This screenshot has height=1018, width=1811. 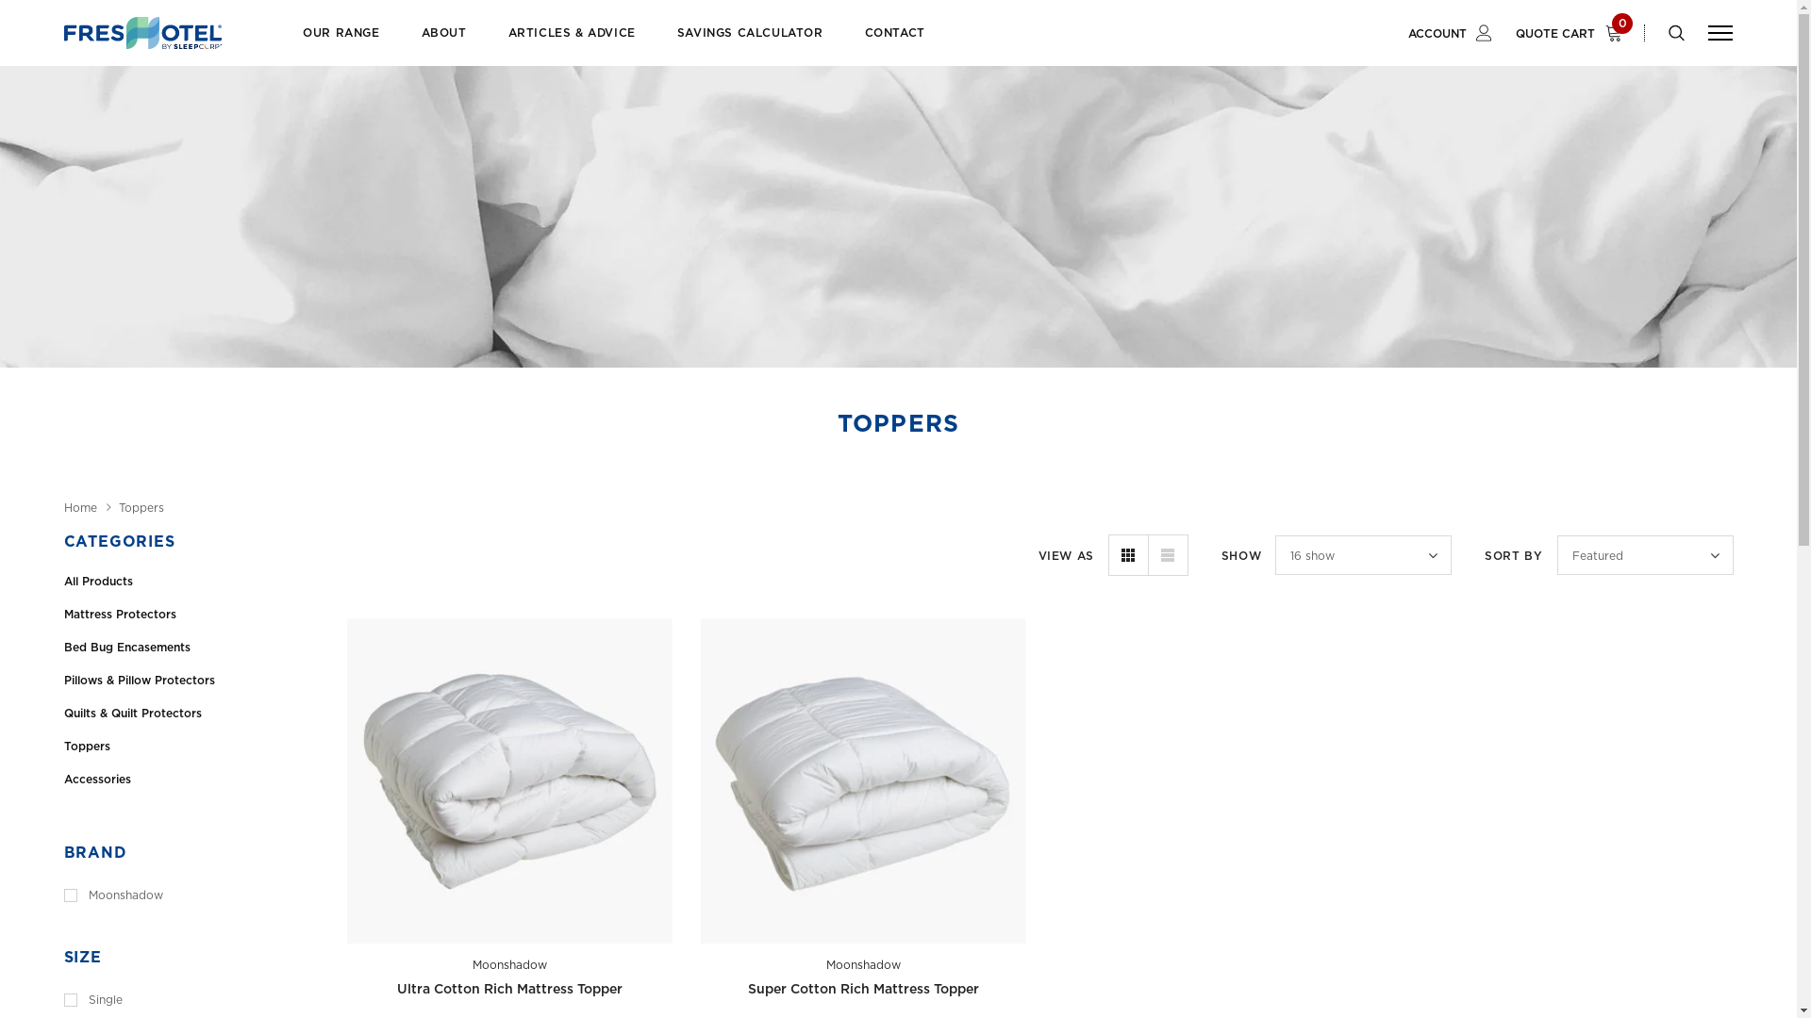 I want to click on 'ABOUT', so click(x=442, y=42).